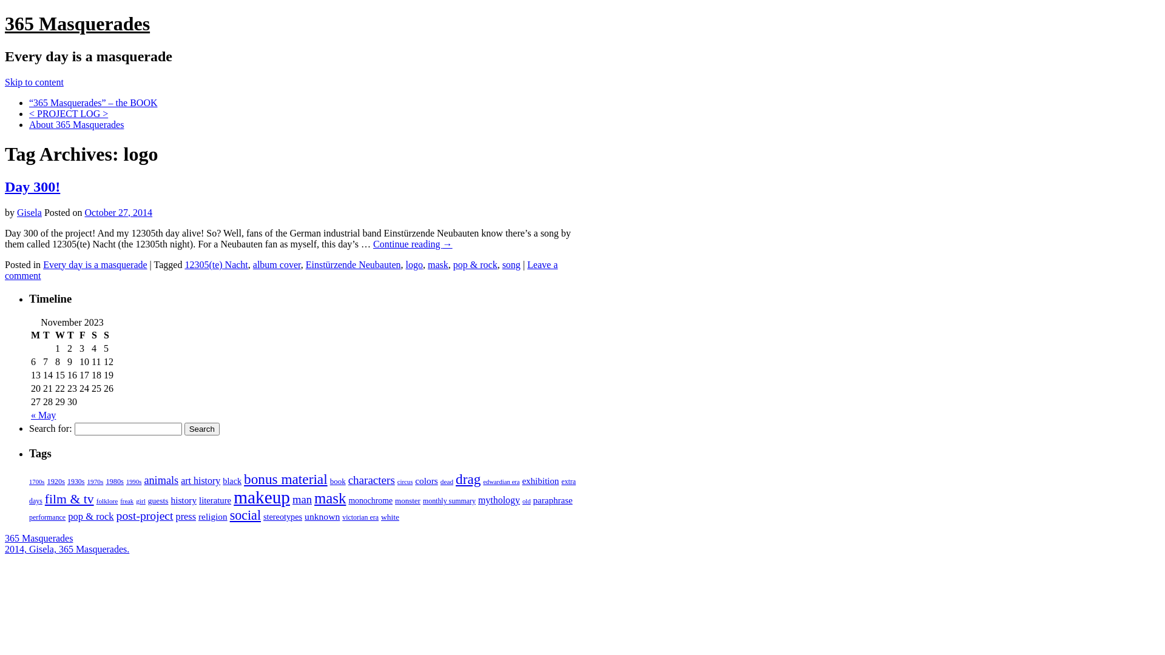 This screenshot has height=655, width=1165. What do you see at coordinates (84, 212) in the screenshot?
I see `'October 27, 2014'` at bounding box center [84, 212].